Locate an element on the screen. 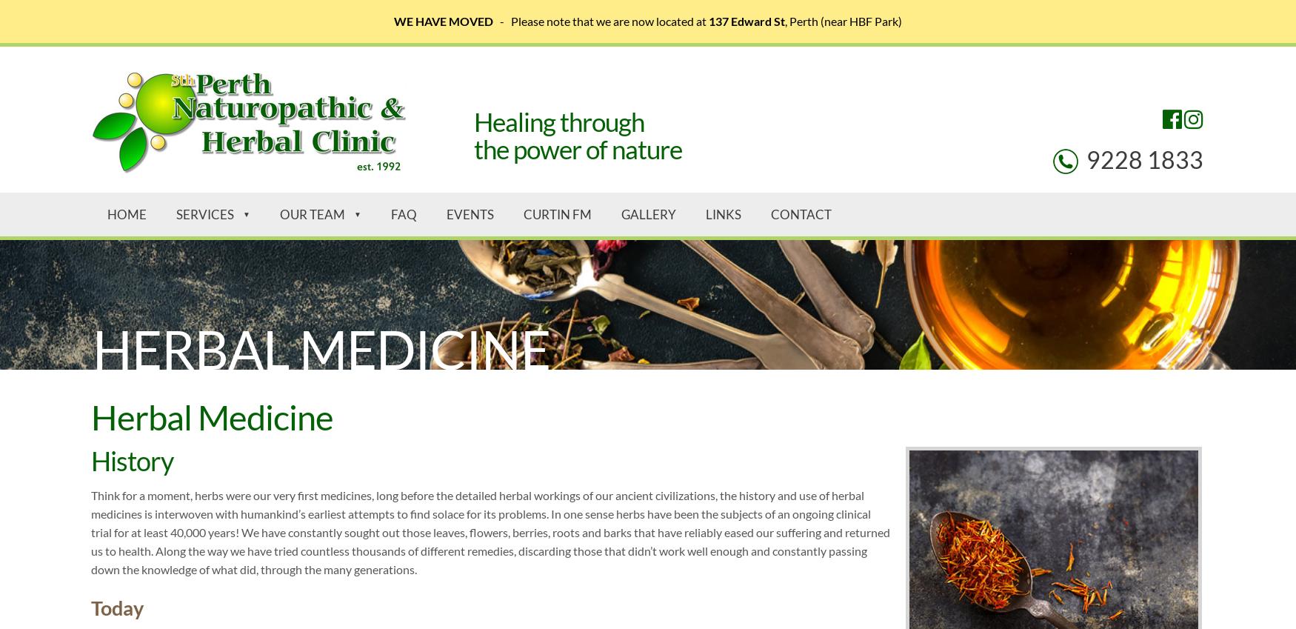  'Healing through' is located at coordinates (558, 121).